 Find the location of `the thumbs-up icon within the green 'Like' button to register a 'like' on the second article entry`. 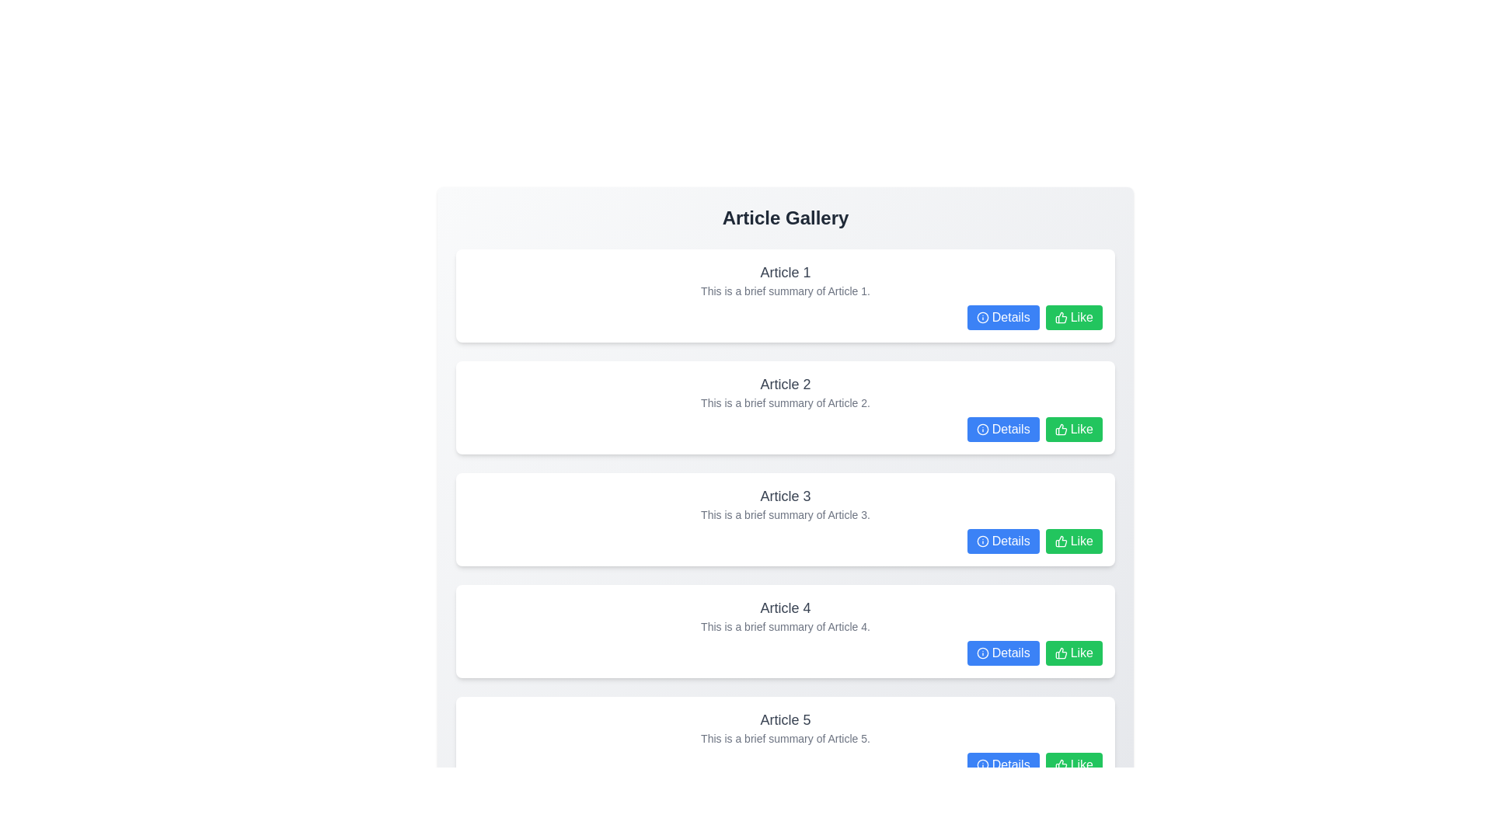

the thumbs-up icon within the green 'Like' button to register a 'like' on the second article entry is located at coordinates (1060, 429).